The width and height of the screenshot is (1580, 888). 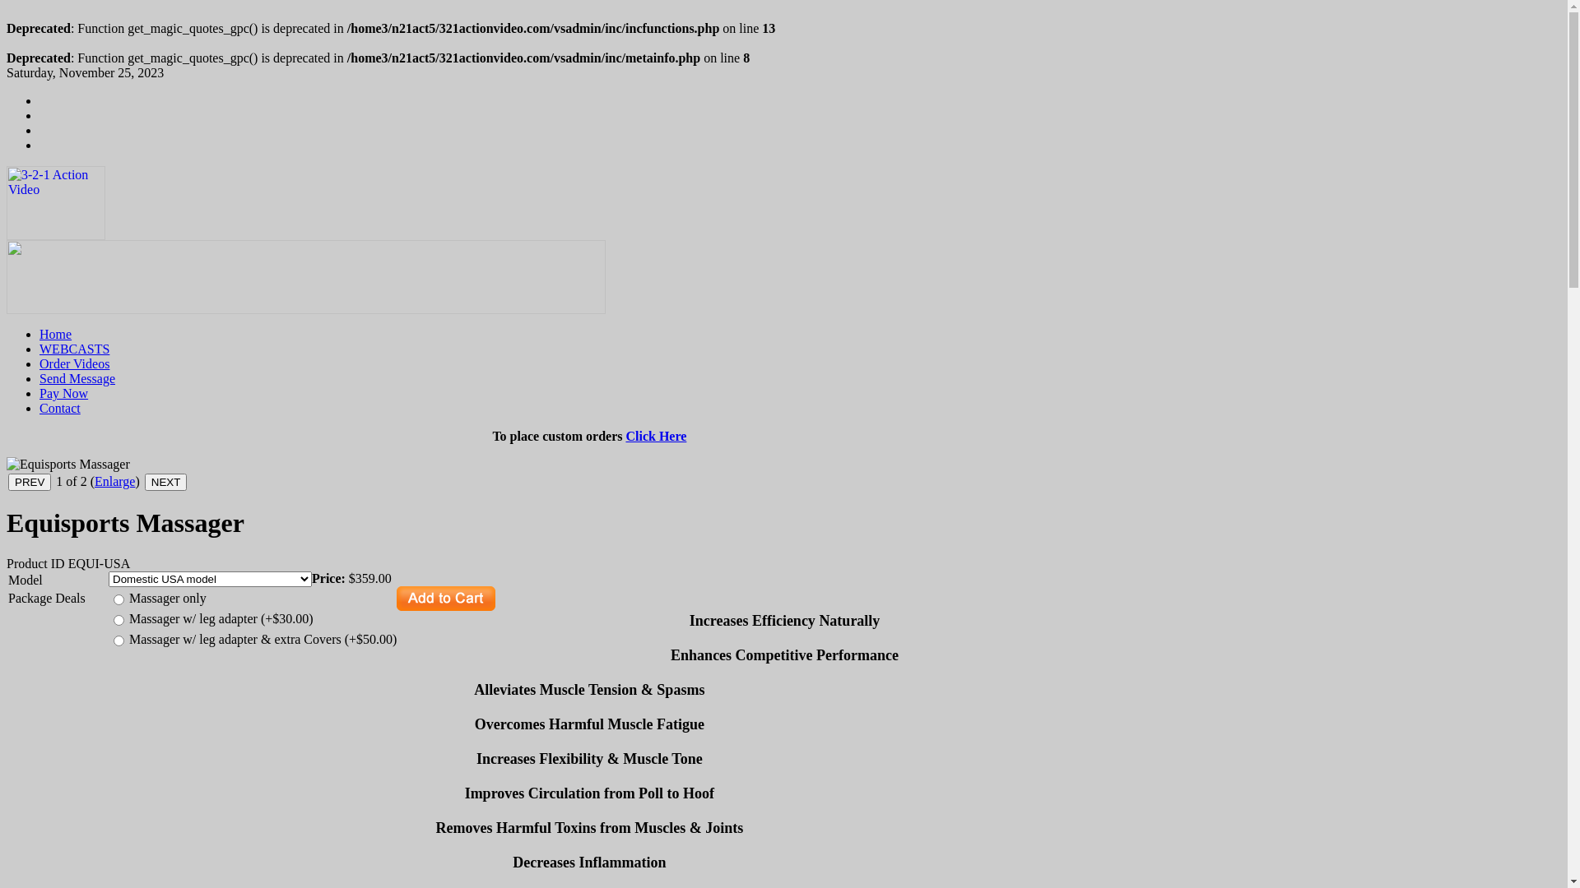 I want to click on 'Send Message', so click(x=77, y=378).